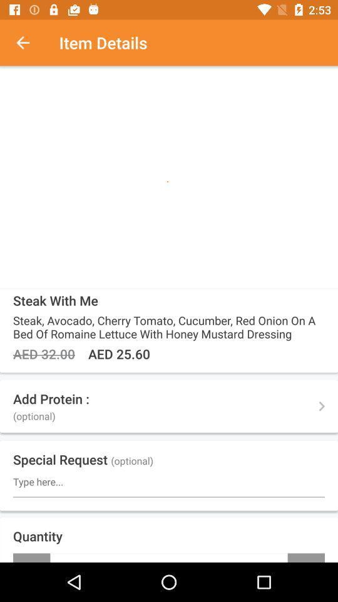  I want to click on icon next to +, so click(31, 557).